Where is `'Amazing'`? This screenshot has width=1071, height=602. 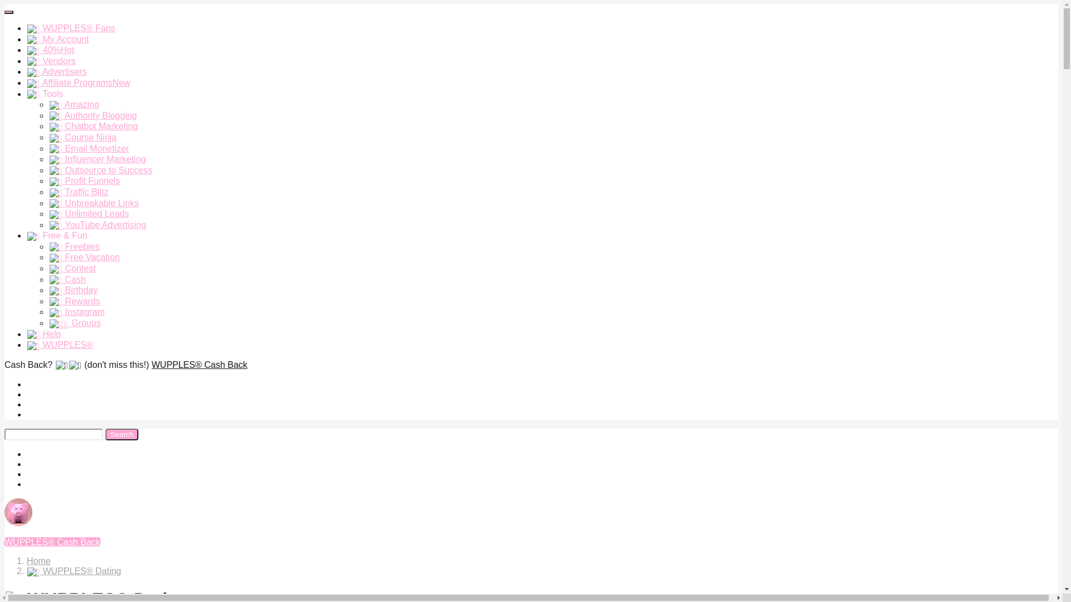 'Amazing' is located at coordinates (74, 104).